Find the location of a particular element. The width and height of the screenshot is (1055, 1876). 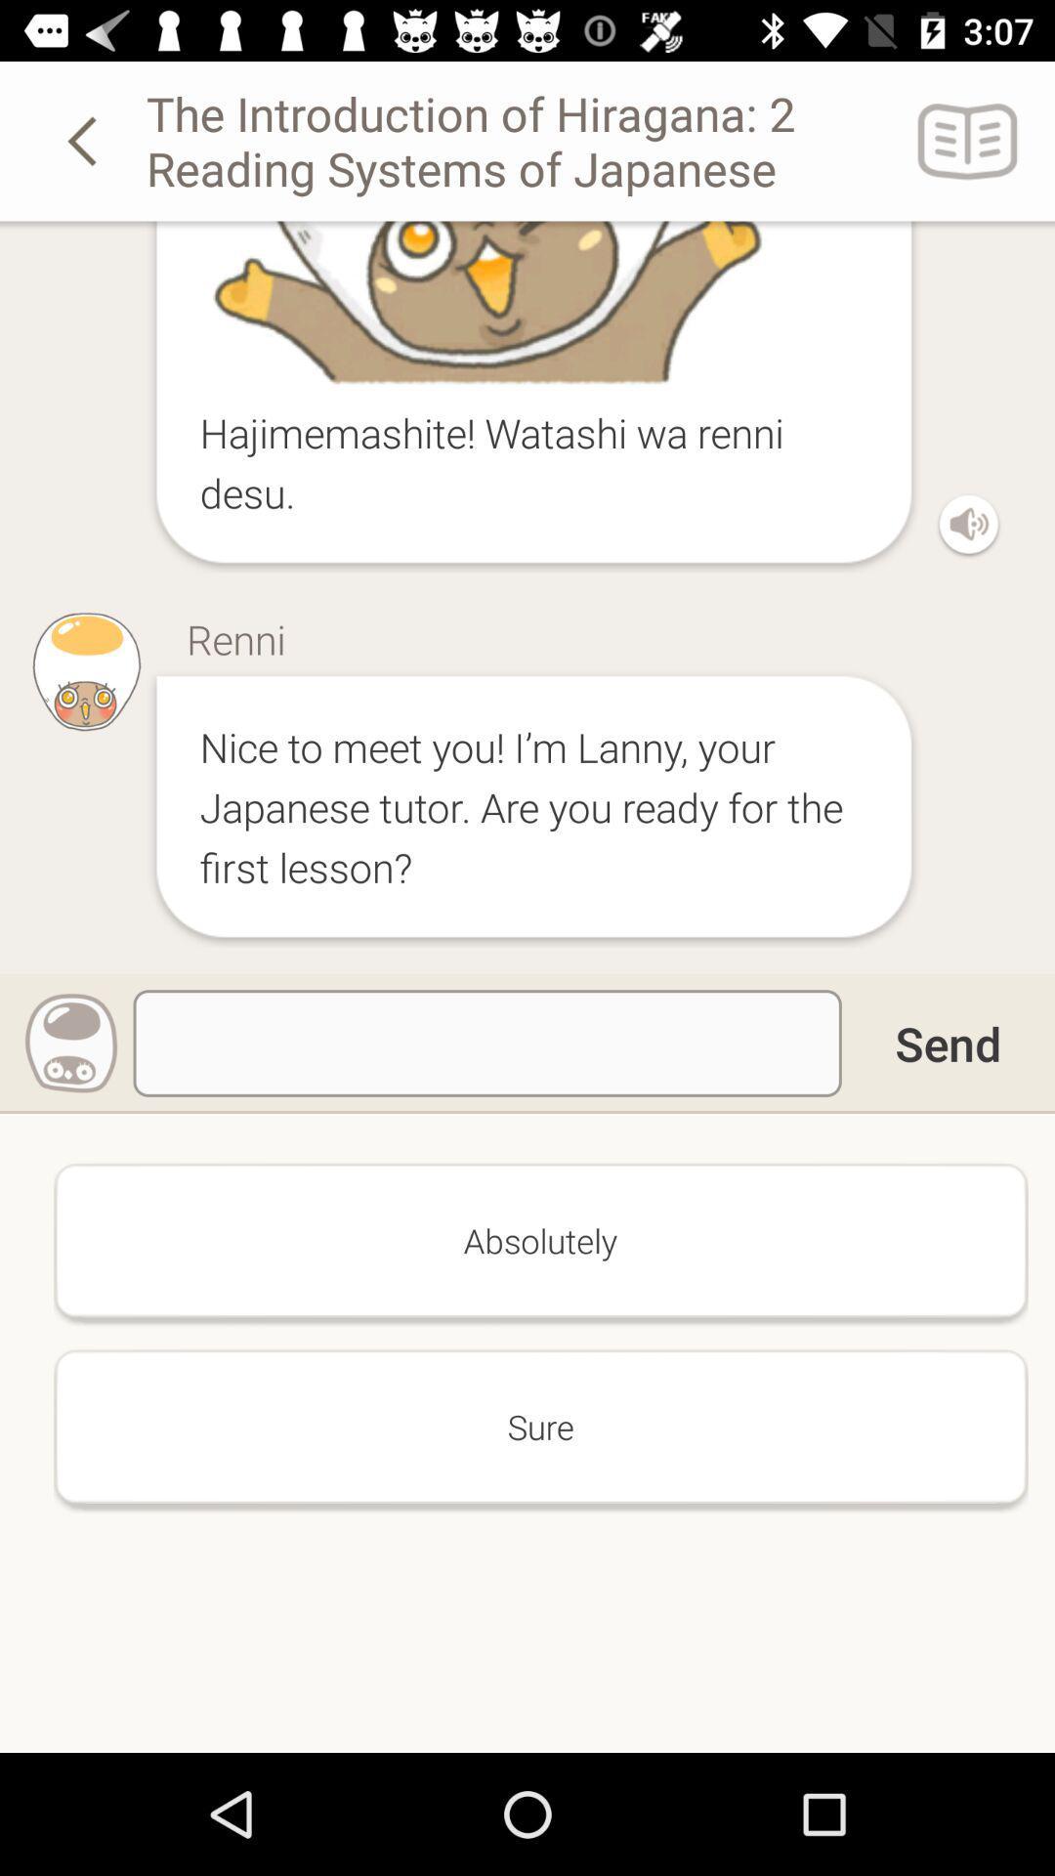

the book icon is located at coordinates (968, 140).